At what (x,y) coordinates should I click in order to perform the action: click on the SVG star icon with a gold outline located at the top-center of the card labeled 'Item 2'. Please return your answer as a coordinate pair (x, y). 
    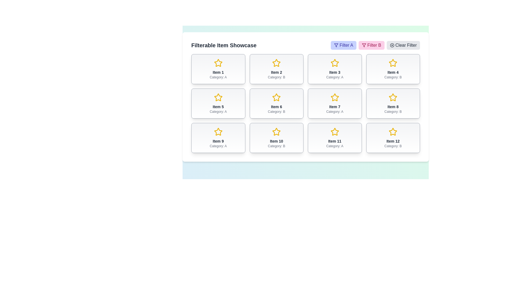
    Looking at the image, I should click on (276, 63).